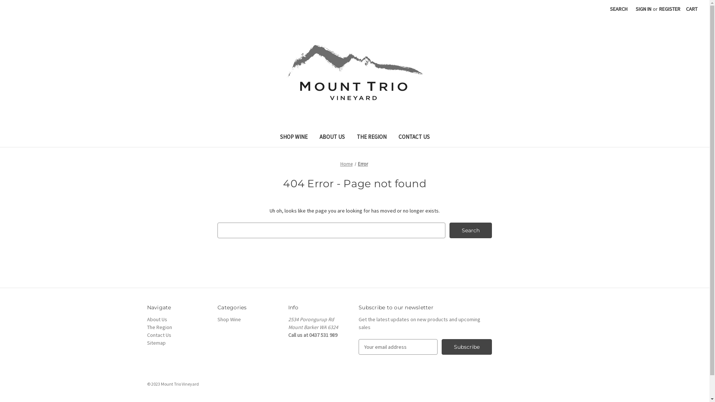 The image size is (715, 402). I want to click on 'CART', so click(681, 9).